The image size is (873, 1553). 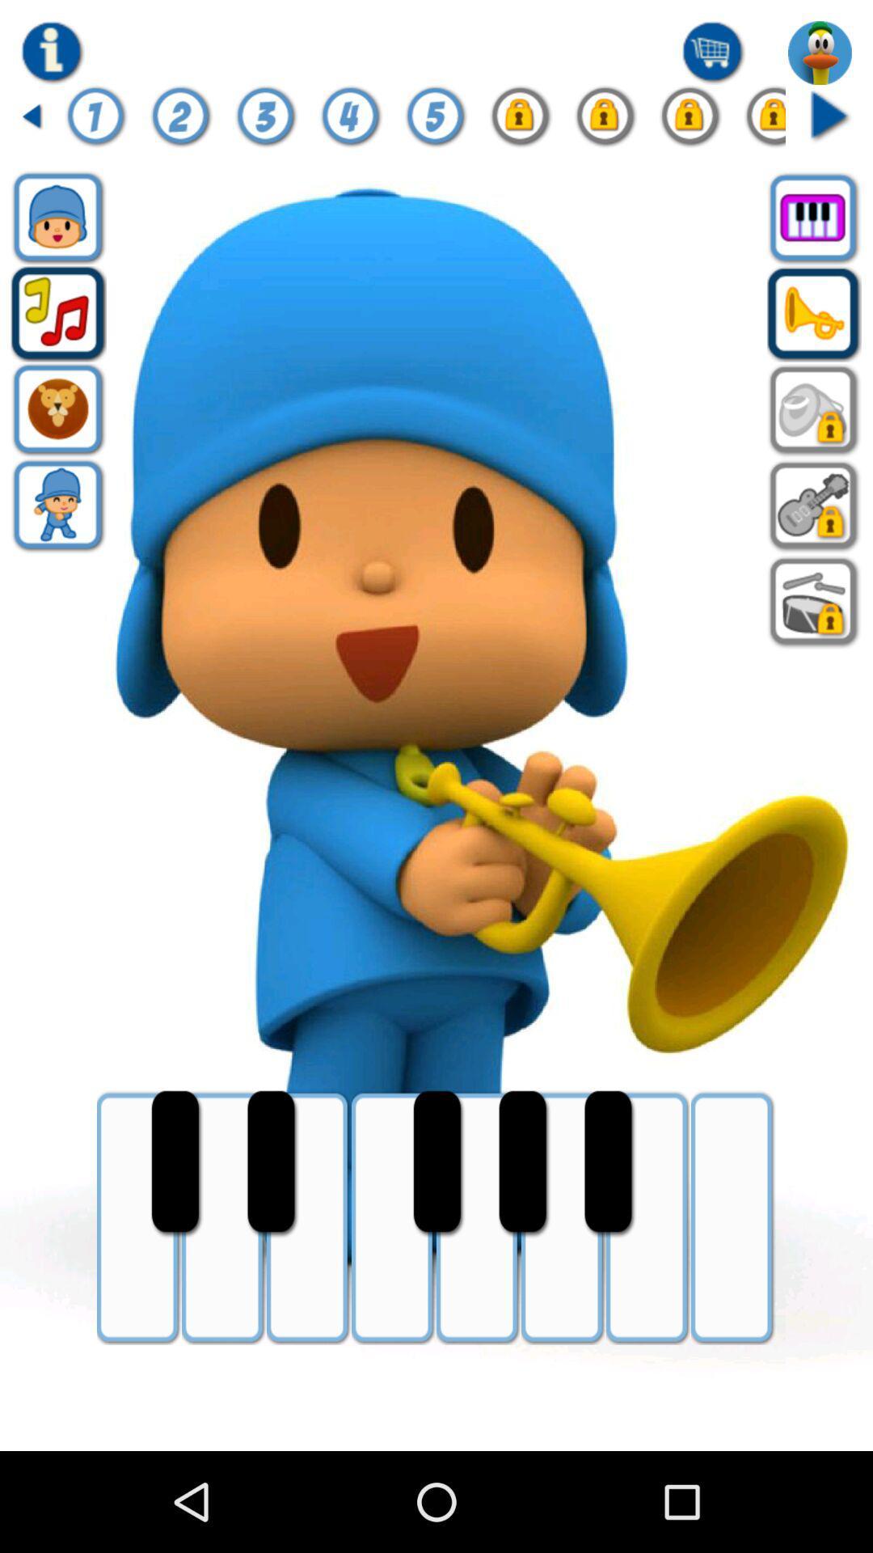 I want to click on the lock icon, so click(x=521, y=124).